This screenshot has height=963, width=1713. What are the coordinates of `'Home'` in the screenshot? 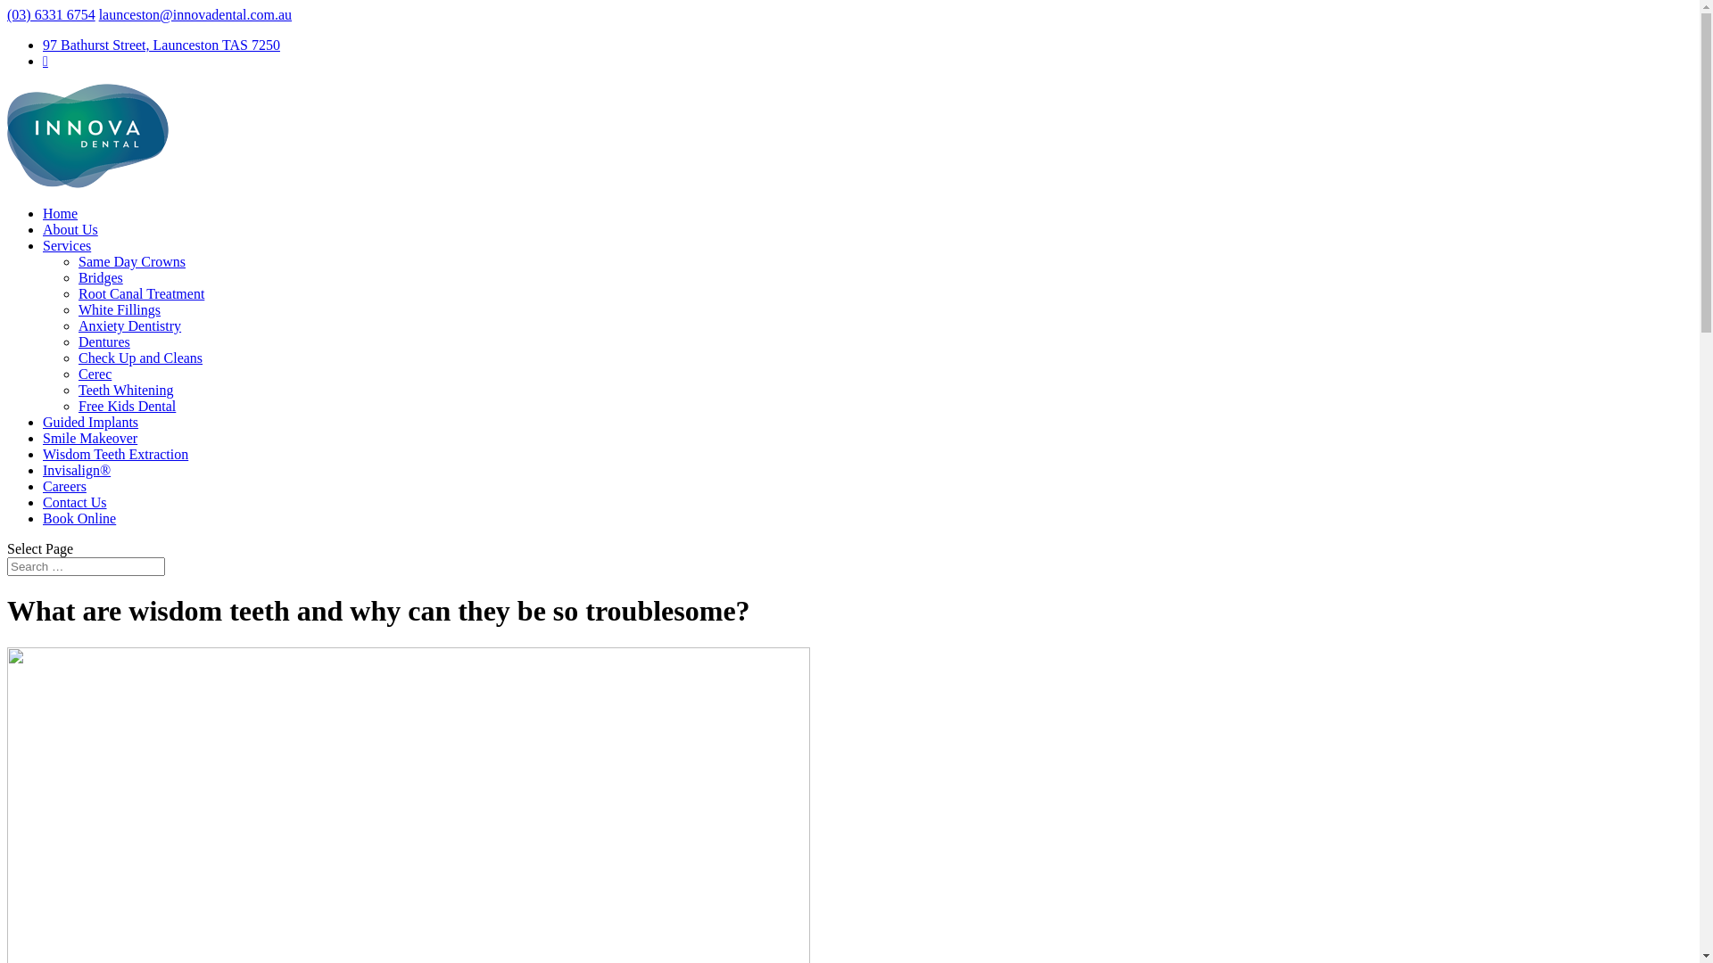 It's located at (60, 212).